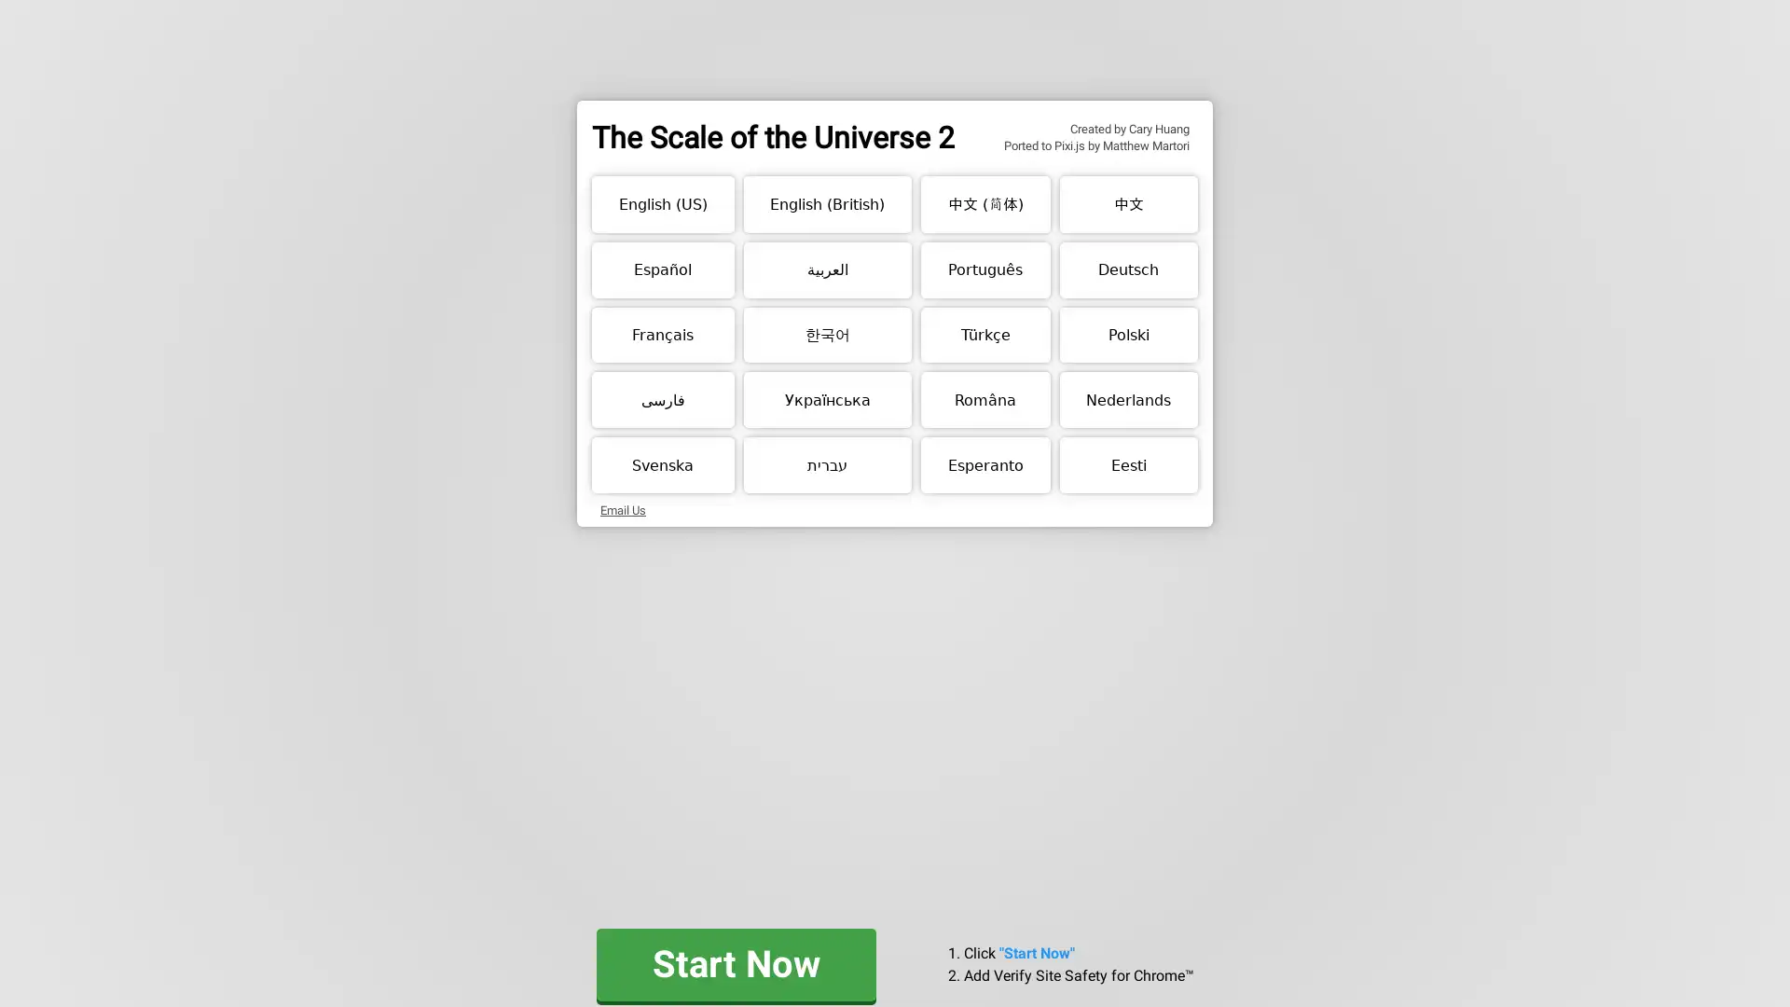 This screenshot has height=1007, width=1790. I want to click on Eesti, so click(1127, 463).